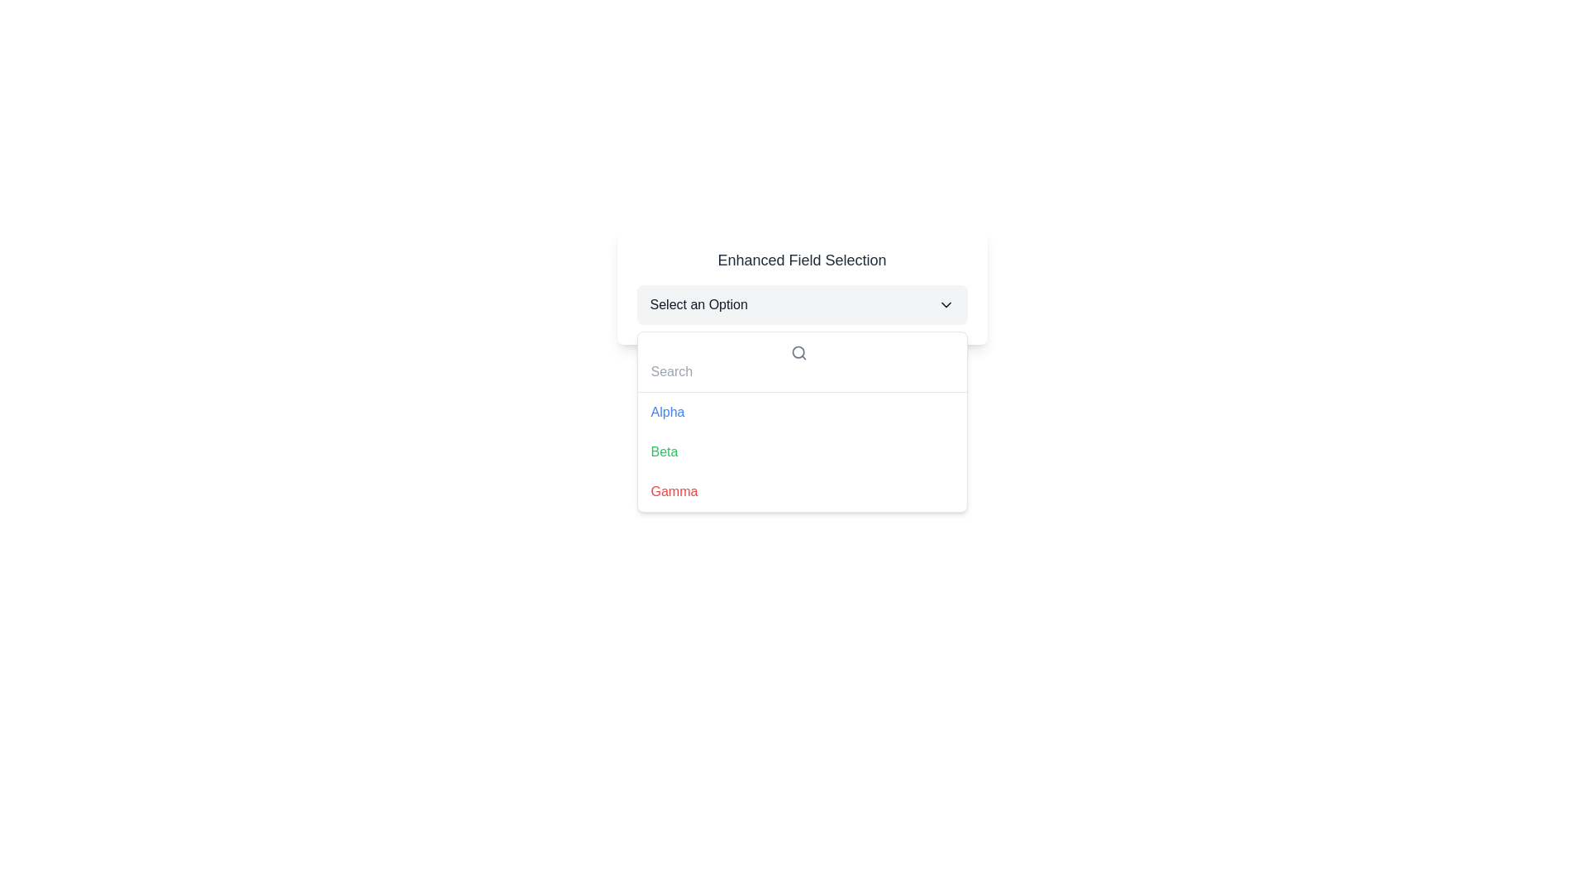 The height and width of the screenshot is (893, 1587). I want to click on the search icon located to the right of the text input field in the dropdown menu under 'Enhanced Field Selection.', so click(802, 361).